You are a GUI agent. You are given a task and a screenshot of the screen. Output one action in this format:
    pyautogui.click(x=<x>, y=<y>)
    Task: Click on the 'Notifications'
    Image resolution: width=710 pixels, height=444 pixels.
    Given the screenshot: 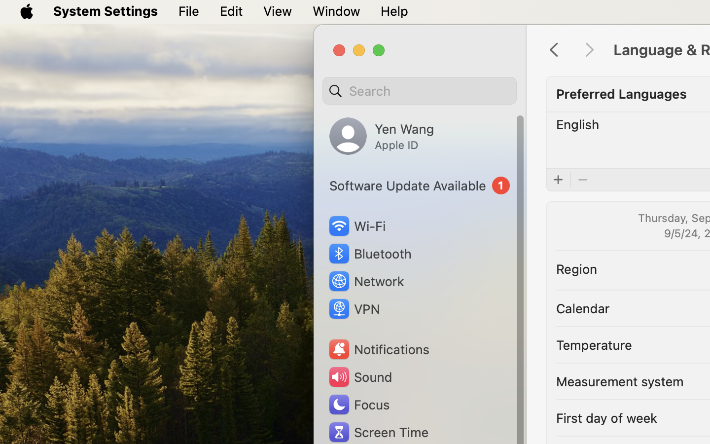 What is the action you would take?
    pyautogui.click(x=378, y=349)
    